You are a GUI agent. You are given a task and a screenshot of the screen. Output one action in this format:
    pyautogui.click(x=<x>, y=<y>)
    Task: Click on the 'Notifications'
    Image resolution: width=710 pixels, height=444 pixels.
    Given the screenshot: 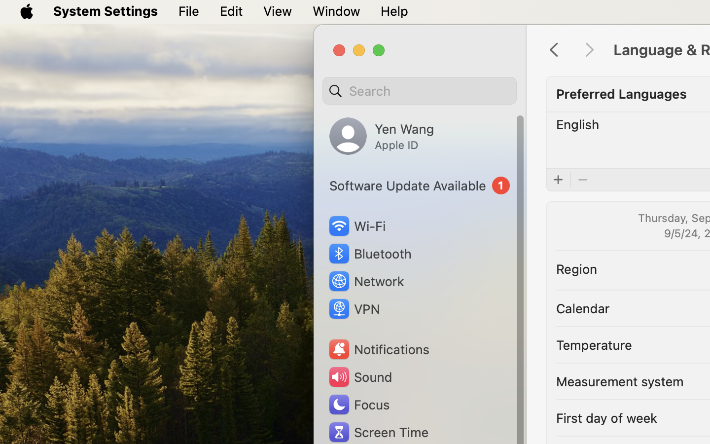 What is the action you would take?
    pyautogui.click(x=378, y=349)
    